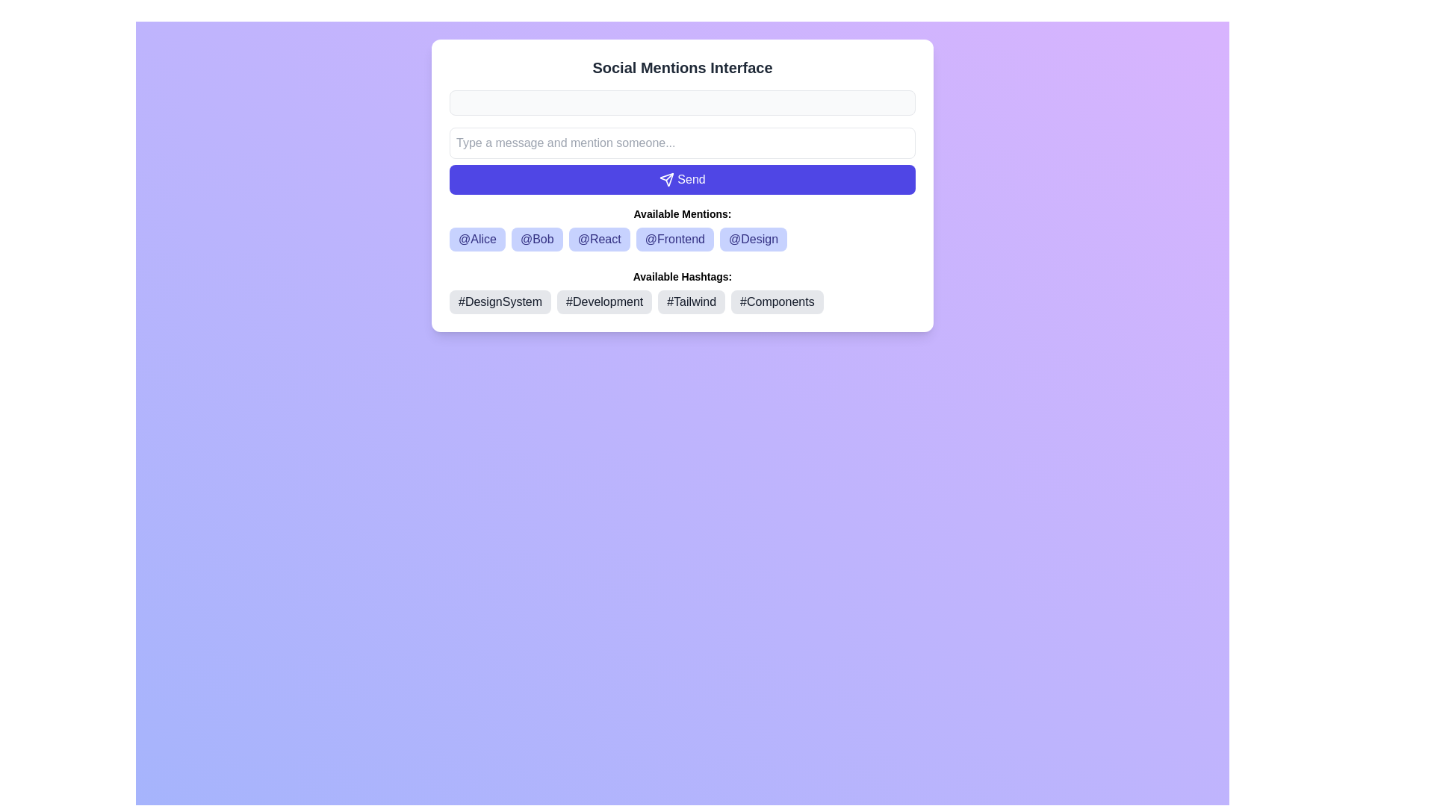  Describe the element at coordinates (681, 68) in the screenshot. I see `header text located at the top-center of the interface, which serves as a title for the user interface section` at that location.